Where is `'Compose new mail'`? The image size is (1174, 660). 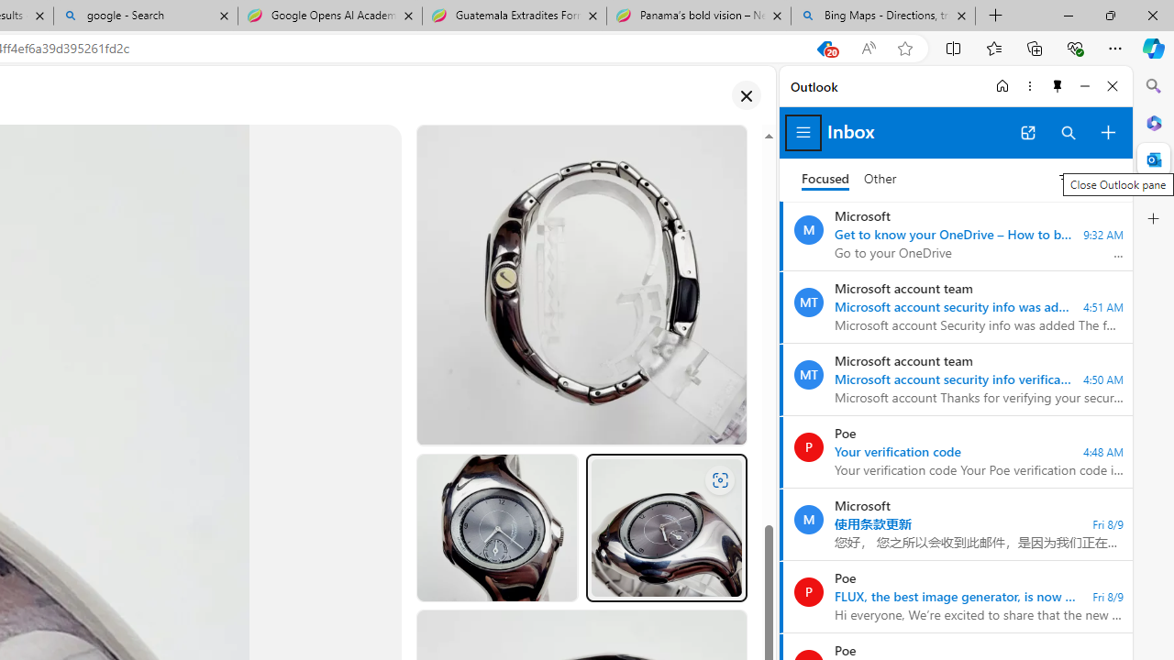 'Compose new mail' is located at coordinates (1107, 132).